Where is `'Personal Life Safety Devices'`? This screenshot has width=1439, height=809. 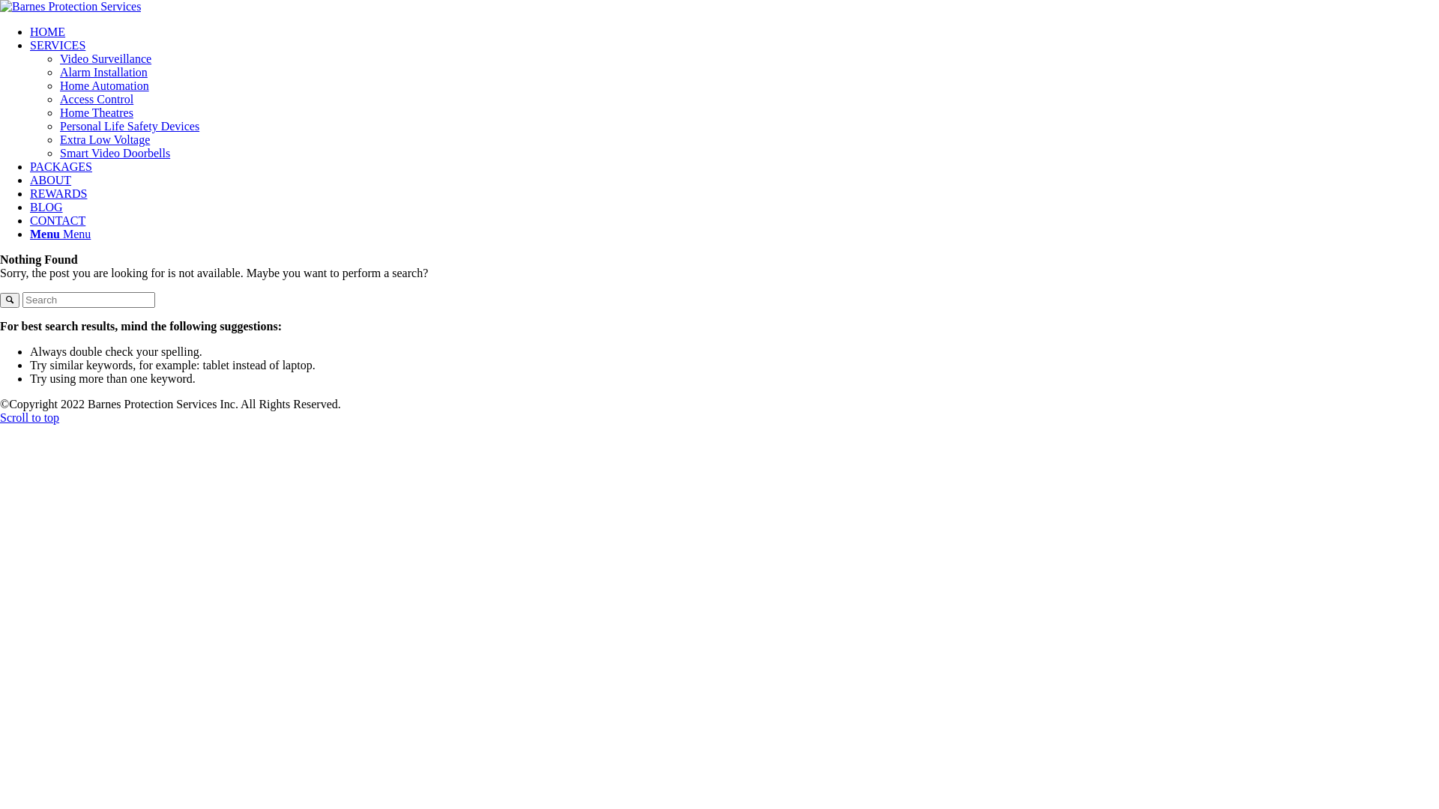
'Personal Life Safety Devices' is located at coordinates (60, 125).